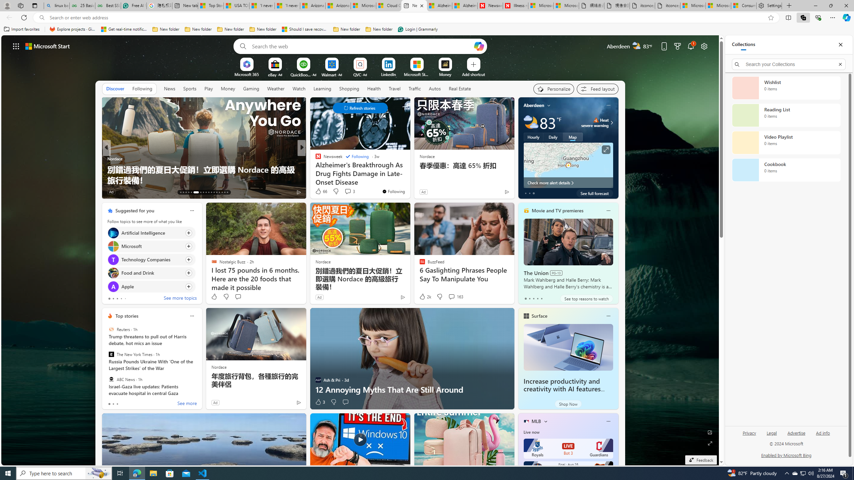  What do you see at coordinates (597, 89) in the screenshot?
I see `'Feed settings'` at bounding box center [597, 89].